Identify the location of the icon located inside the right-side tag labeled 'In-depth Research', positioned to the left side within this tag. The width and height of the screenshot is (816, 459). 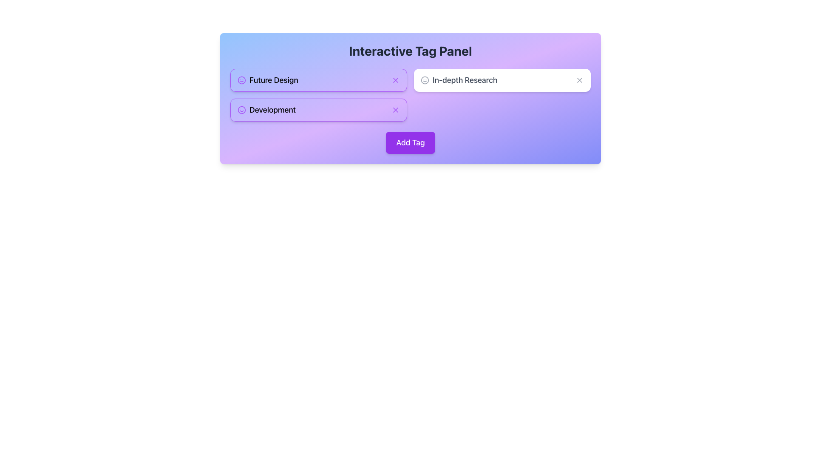
(425, 80).